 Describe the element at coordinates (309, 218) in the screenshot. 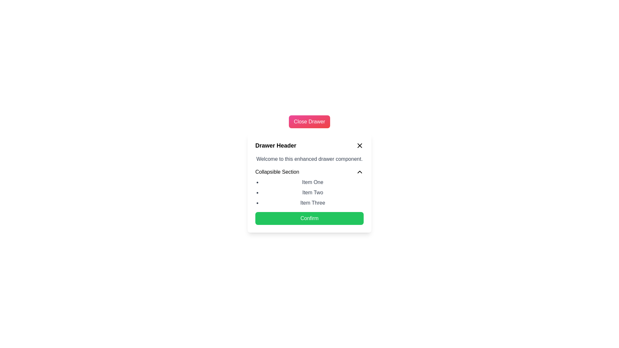

I see `the confirmation button located at the bottom of the drawer interface` at that location.